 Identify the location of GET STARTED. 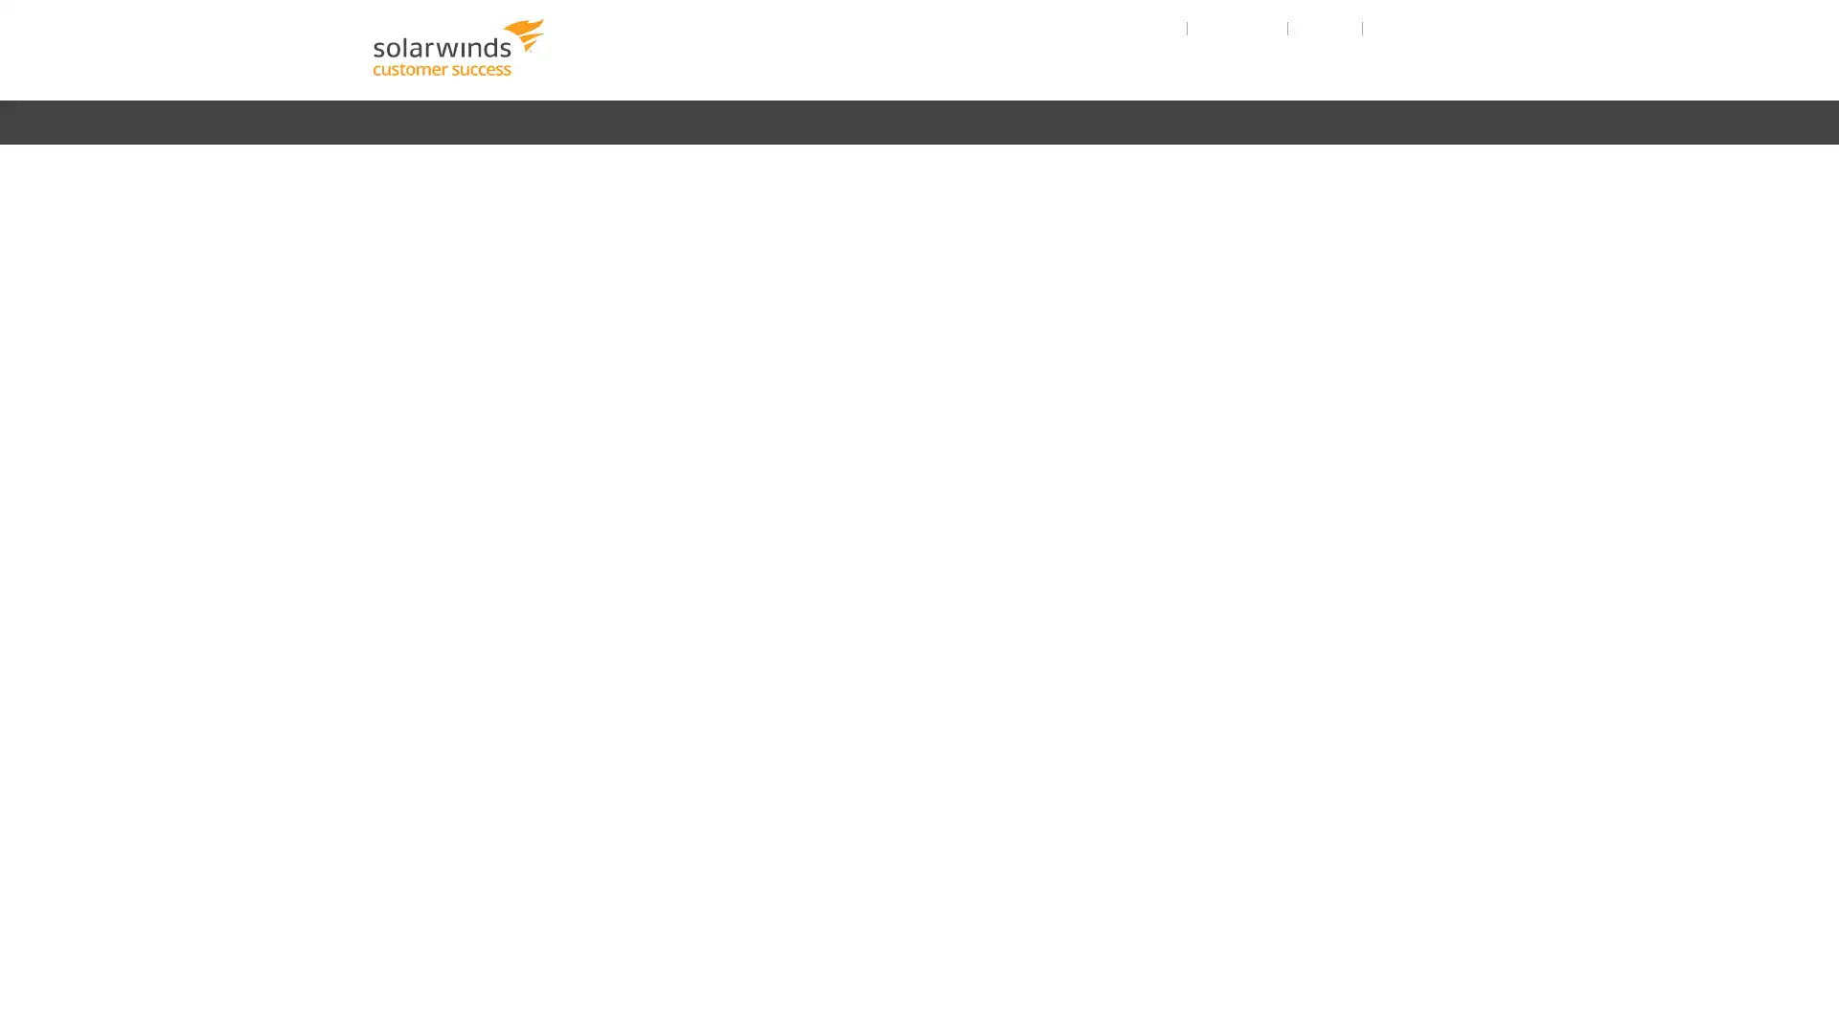
(771, 346).